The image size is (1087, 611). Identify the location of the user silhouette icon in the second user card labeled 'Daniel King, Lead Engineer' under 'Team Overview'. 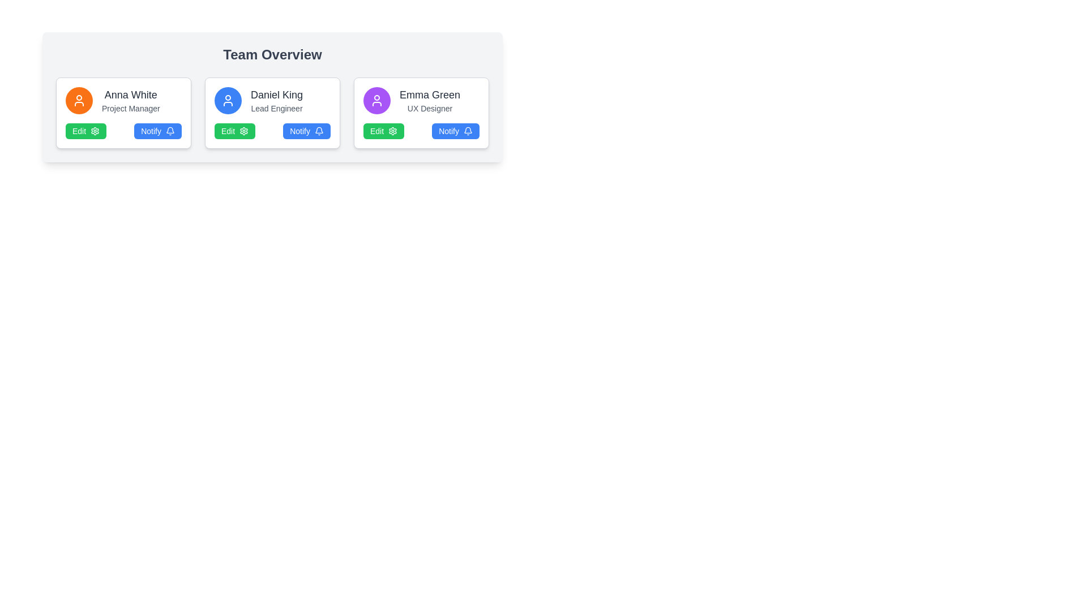
(228, 100).